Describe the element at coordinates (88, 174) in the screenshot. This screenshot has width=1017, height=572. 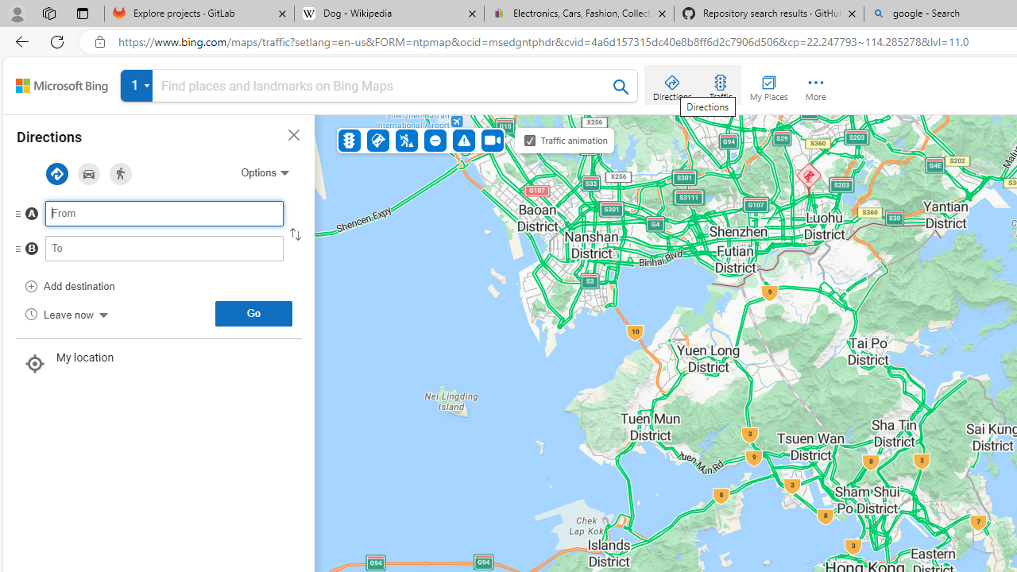
I see `'Driving'` at that location.